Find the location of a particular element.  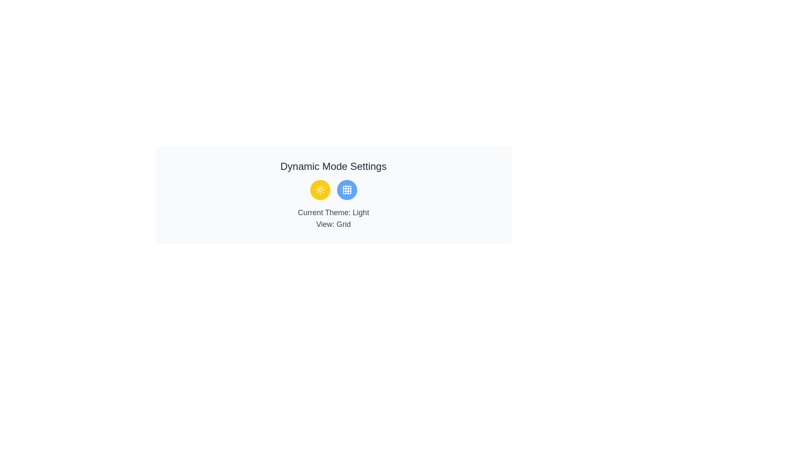

the static text label that displays the current theme ('Light') and view mode ('Grid'), located below the 'Dynamic Mode Settings' header and two round icon buttons is located at coordinates (333, 218).